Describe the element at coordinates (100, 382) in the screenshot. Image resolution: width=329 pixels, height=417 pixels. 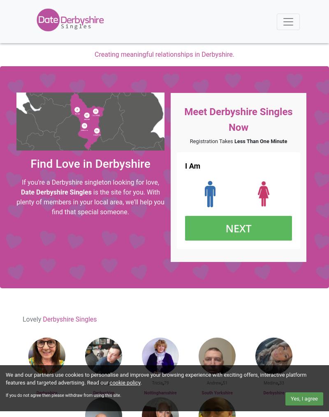
I see `'Nathan'` at that location.